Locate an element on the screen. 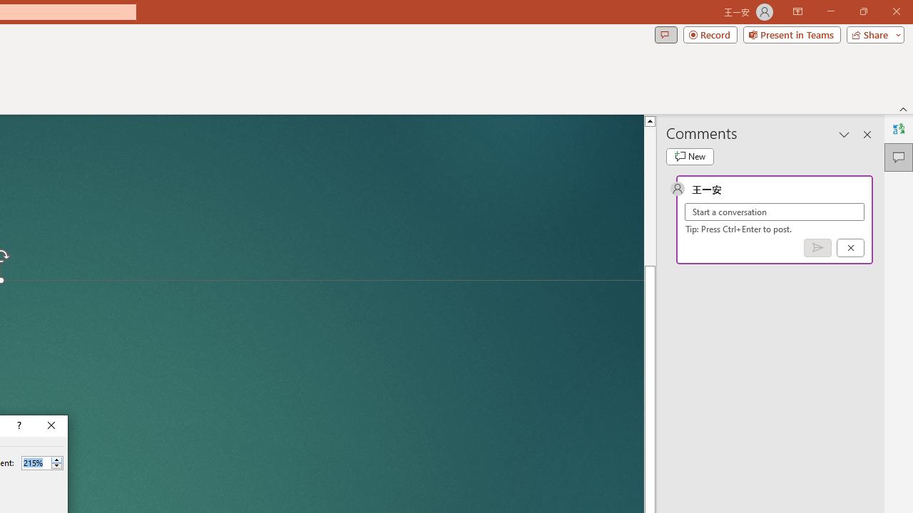  'Cancel' is located at coordinates (850, 247).